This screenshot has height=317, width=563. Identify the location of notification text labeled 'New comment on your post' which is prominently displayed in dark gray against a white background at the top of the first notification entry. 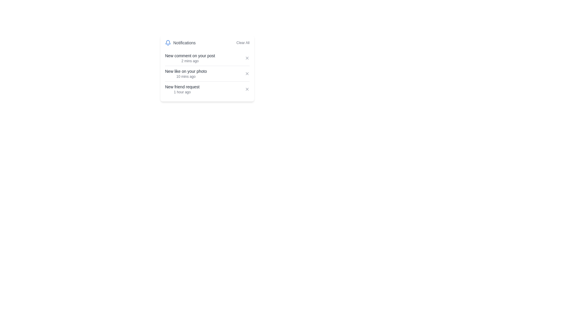
(190, 55).